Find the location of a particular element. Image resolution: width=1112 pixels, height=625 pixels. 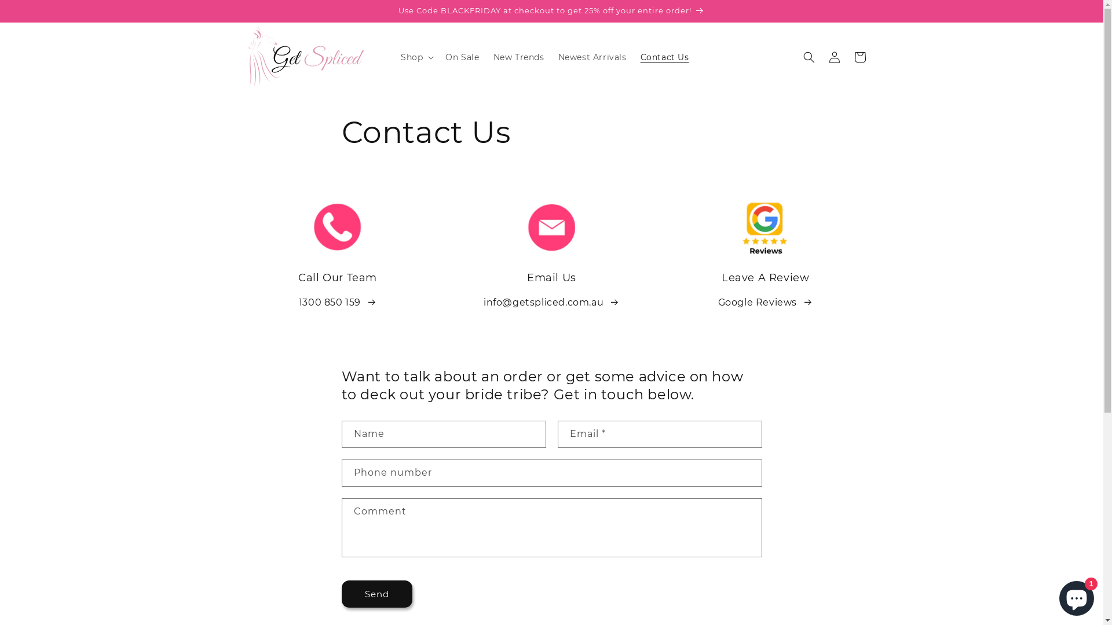

'Send' is located at coordinates (377, 594).